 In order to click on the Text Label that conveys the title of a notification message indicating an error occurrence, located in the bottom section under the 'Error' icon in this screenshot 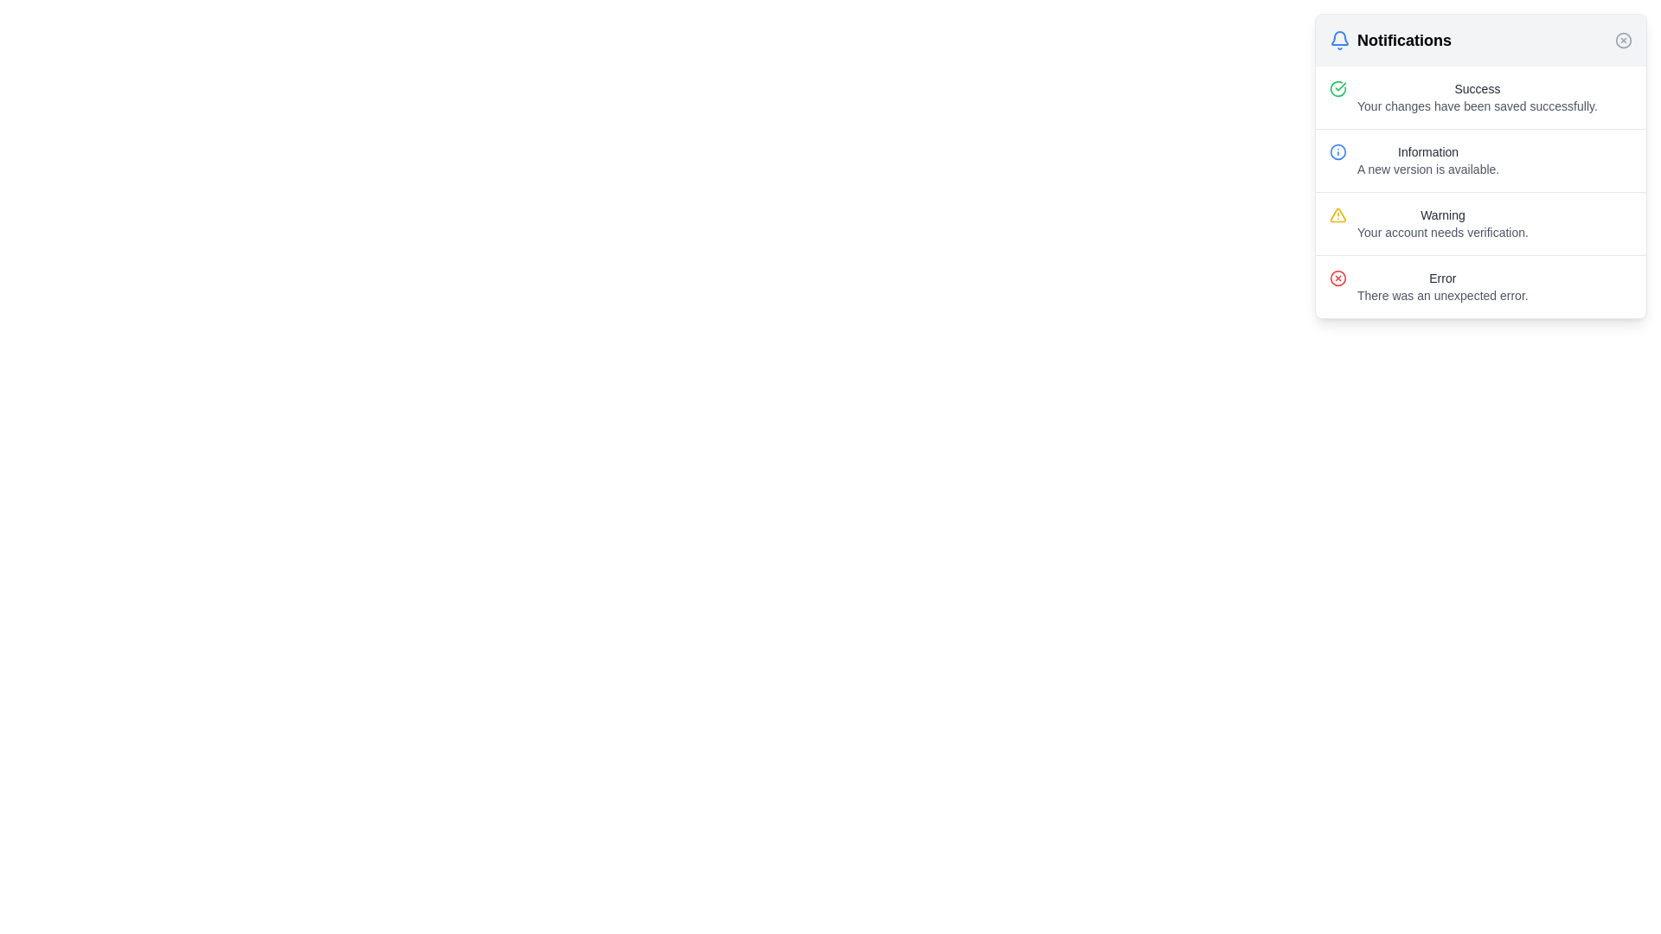, I will do `click(1442, 277)`.